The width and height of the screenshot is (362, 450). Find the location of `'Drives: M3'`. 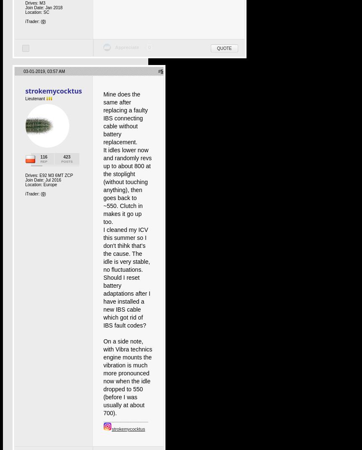

'Drives: M3' is located at coordinates (25, 3).